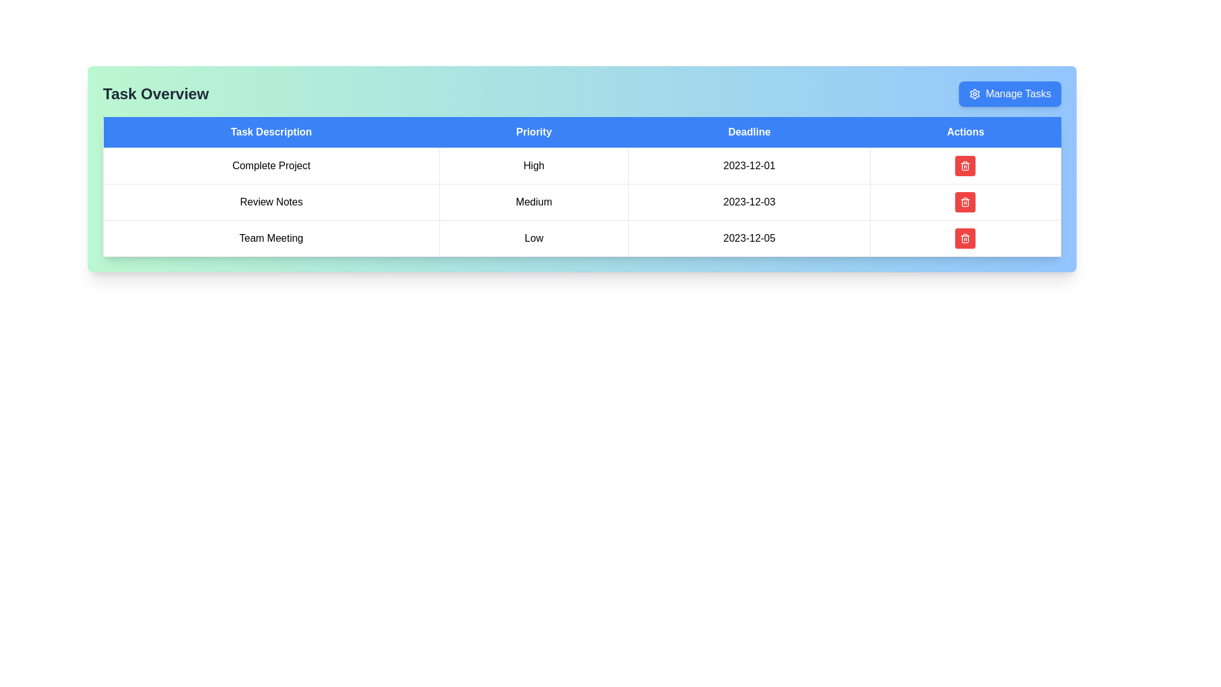 The height and width of the screenshot is (687, 1221). What do you see at coordinates (534, 238) in the screenshot?
I see `the text label displaying 'Low' in the 'Priority' column of the 'Team Meeting' row` at bounding box center [534, 238].